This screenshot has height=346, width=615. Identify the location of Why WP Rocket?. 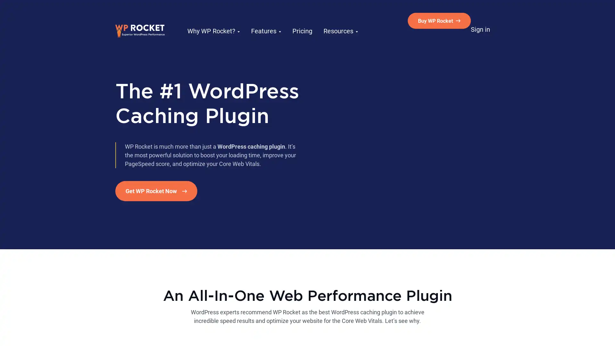
(211, 21).